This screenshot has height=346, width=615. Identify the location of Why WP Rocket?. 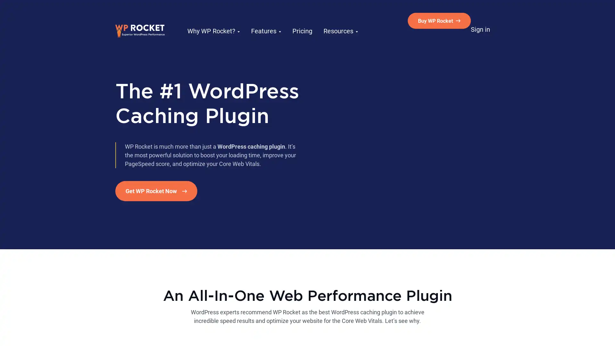
(211, 21).